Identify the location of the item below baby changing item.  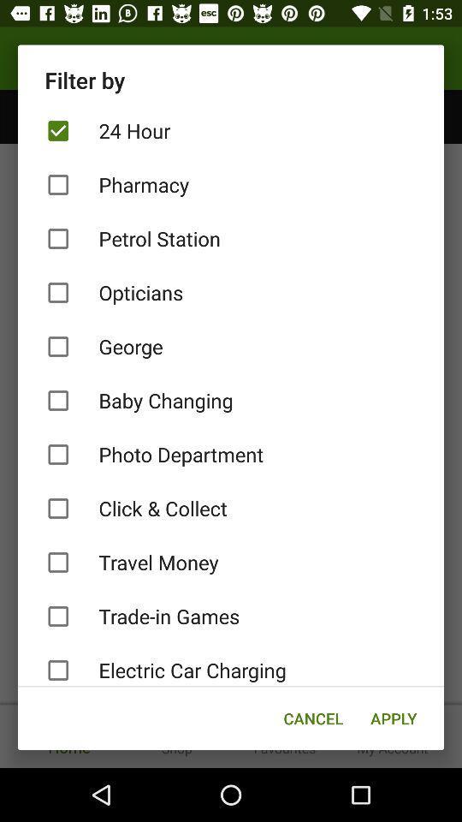
(231, 453).